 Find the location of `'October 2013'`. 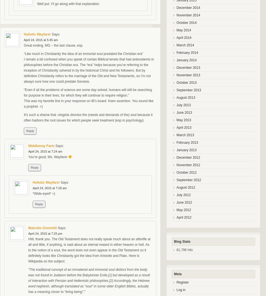

'October 2013' is located at coordinates (186, 83).